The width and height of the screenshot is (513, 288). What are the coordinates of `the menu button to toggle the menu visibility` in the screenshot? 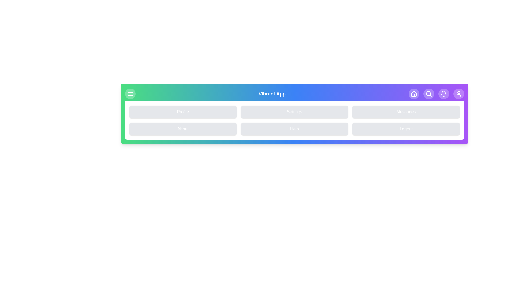 It's located at (130, 93).